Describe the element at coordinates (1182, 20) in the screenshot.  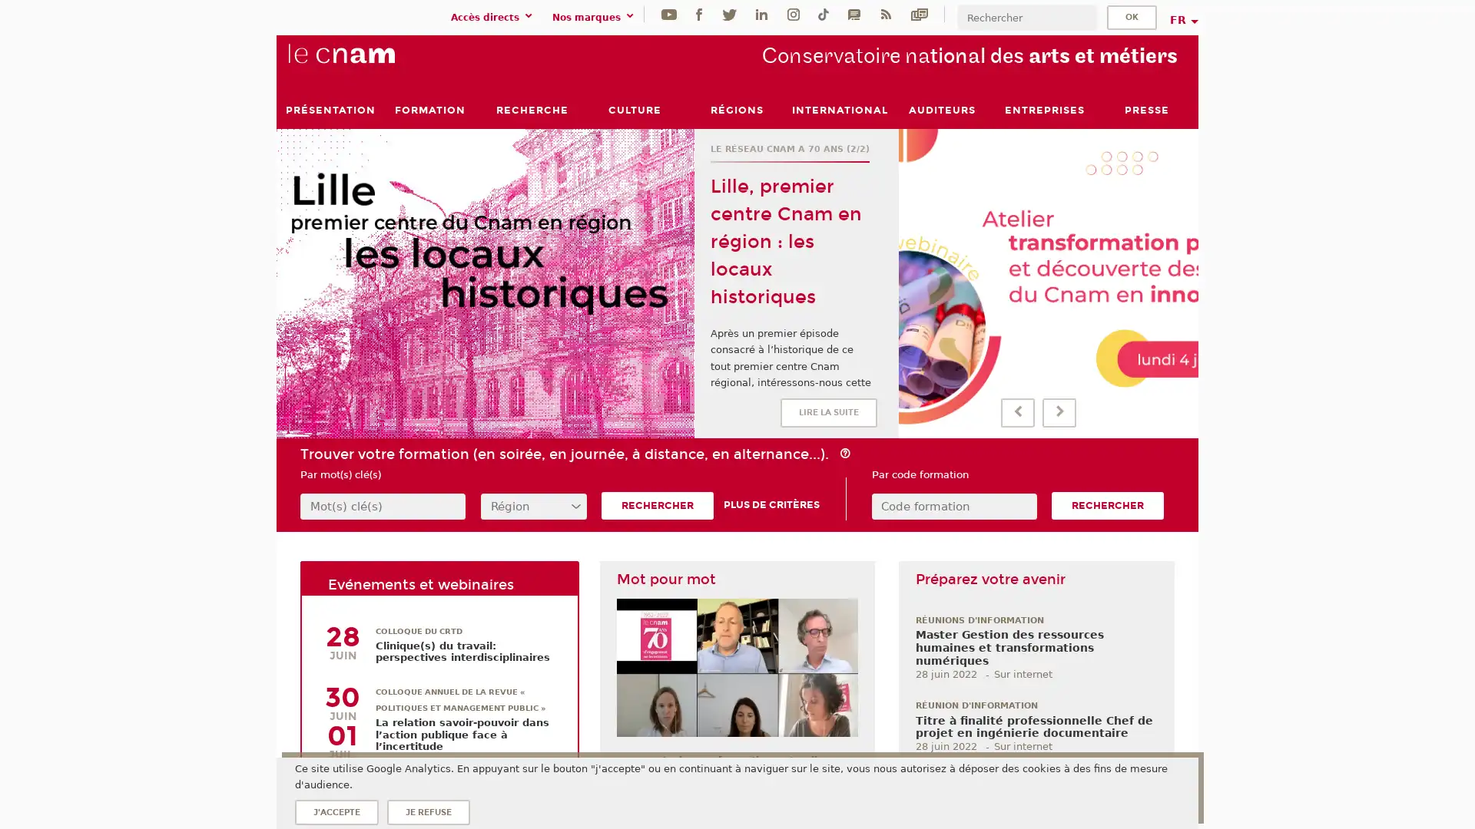
I see `FR` at that location.